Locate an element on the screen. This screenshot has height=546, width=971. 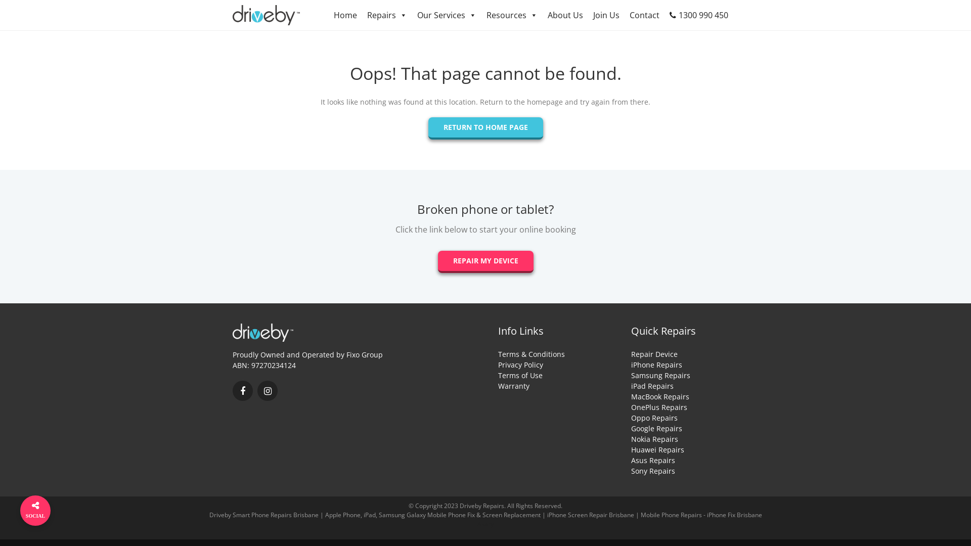
'Asus Repairs' is located at coordinates (631, 460).